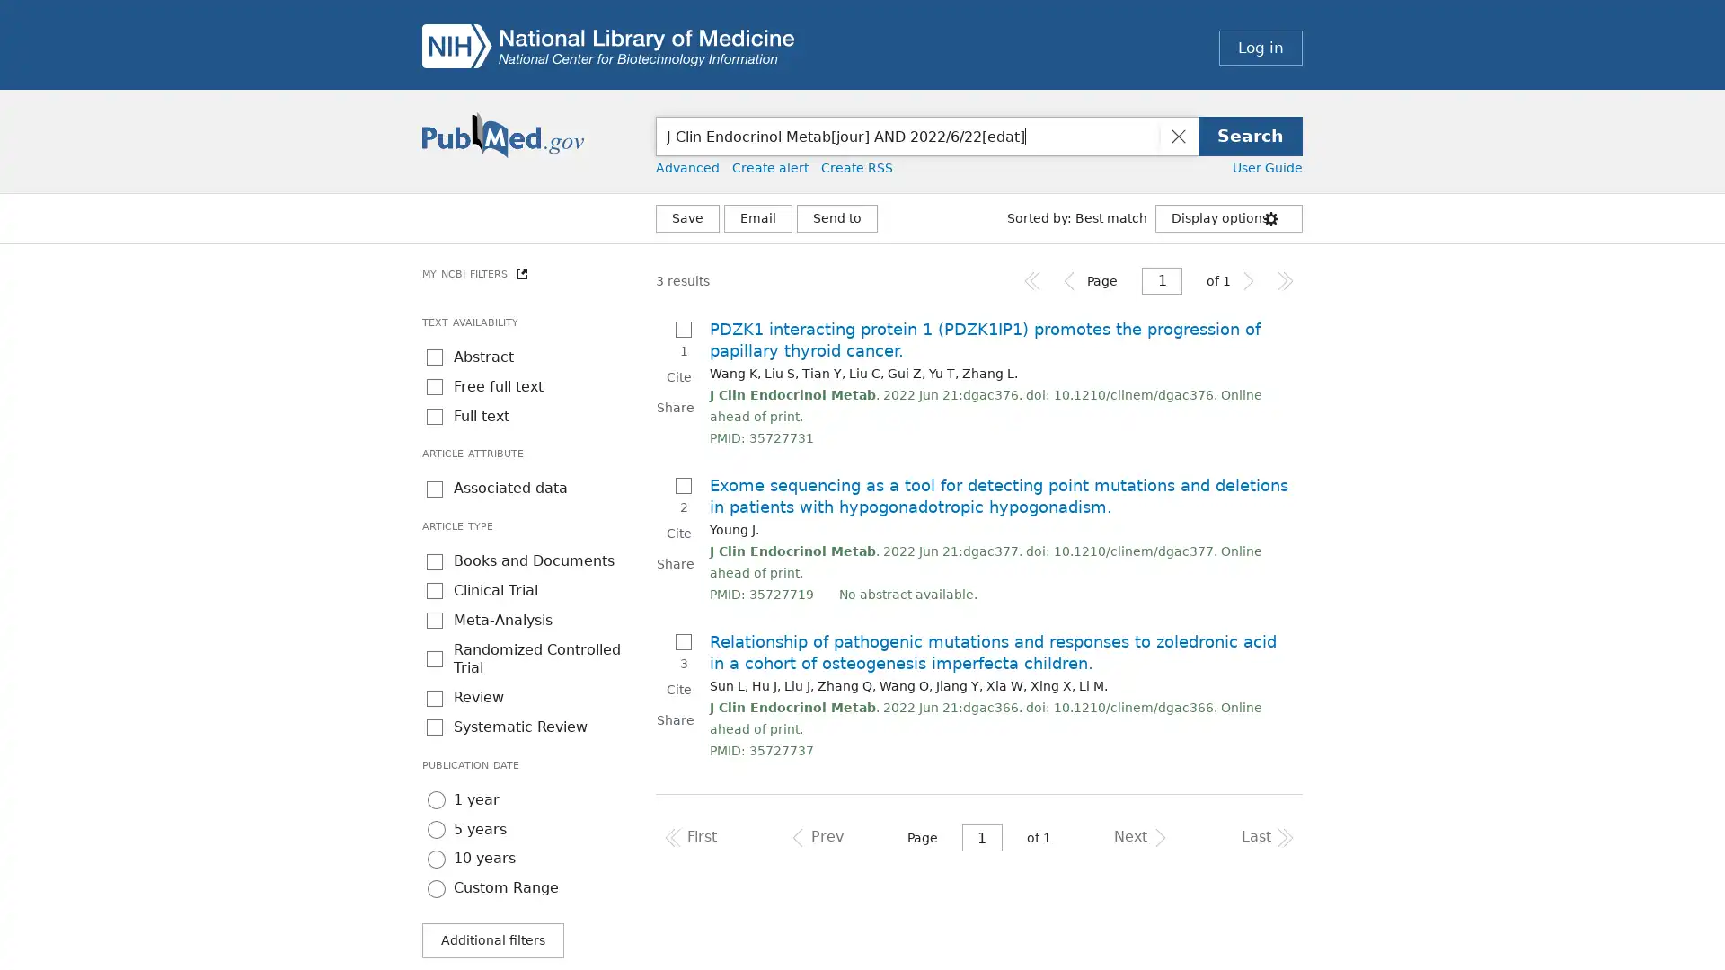 This screenshot has width=1725, height=970. What do you see at coordinates (692, 838) in the screenshot?
I see `Navigates to the first page of results.` at bounding box center [692, 838].